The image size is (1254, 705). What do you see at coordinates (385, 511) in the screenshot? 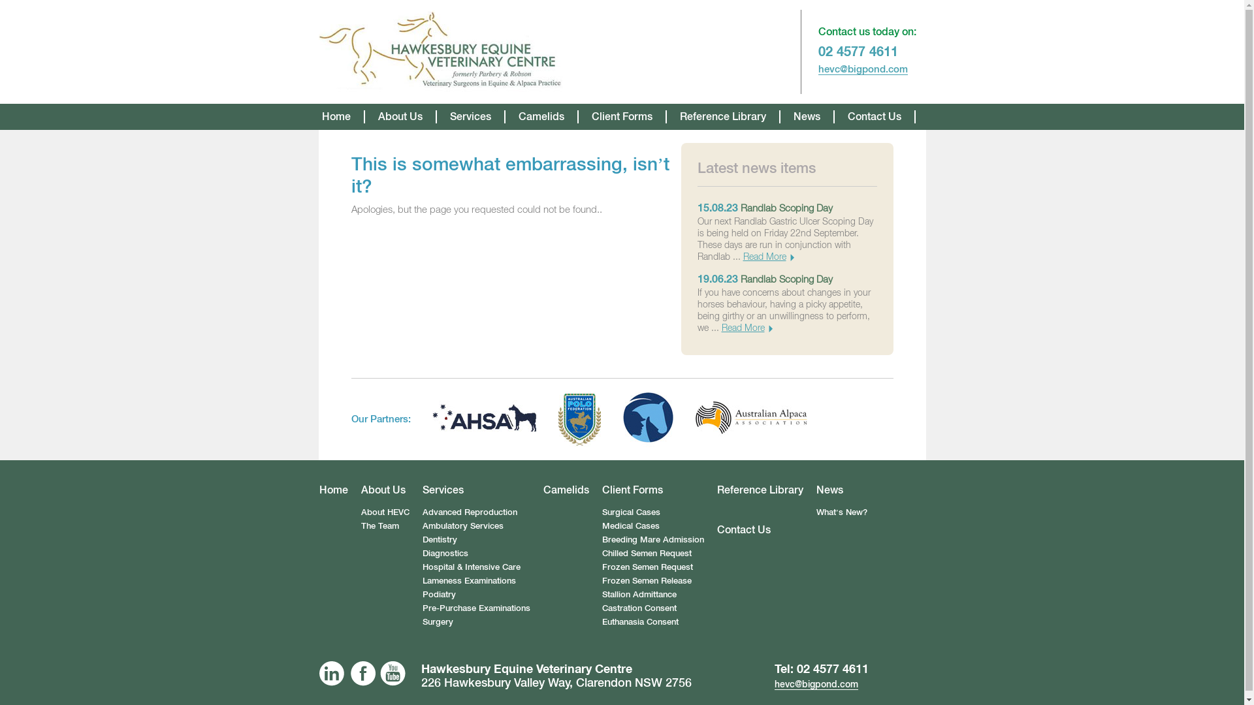
I see `'About HEVC'` at bounding box center [385, 511].